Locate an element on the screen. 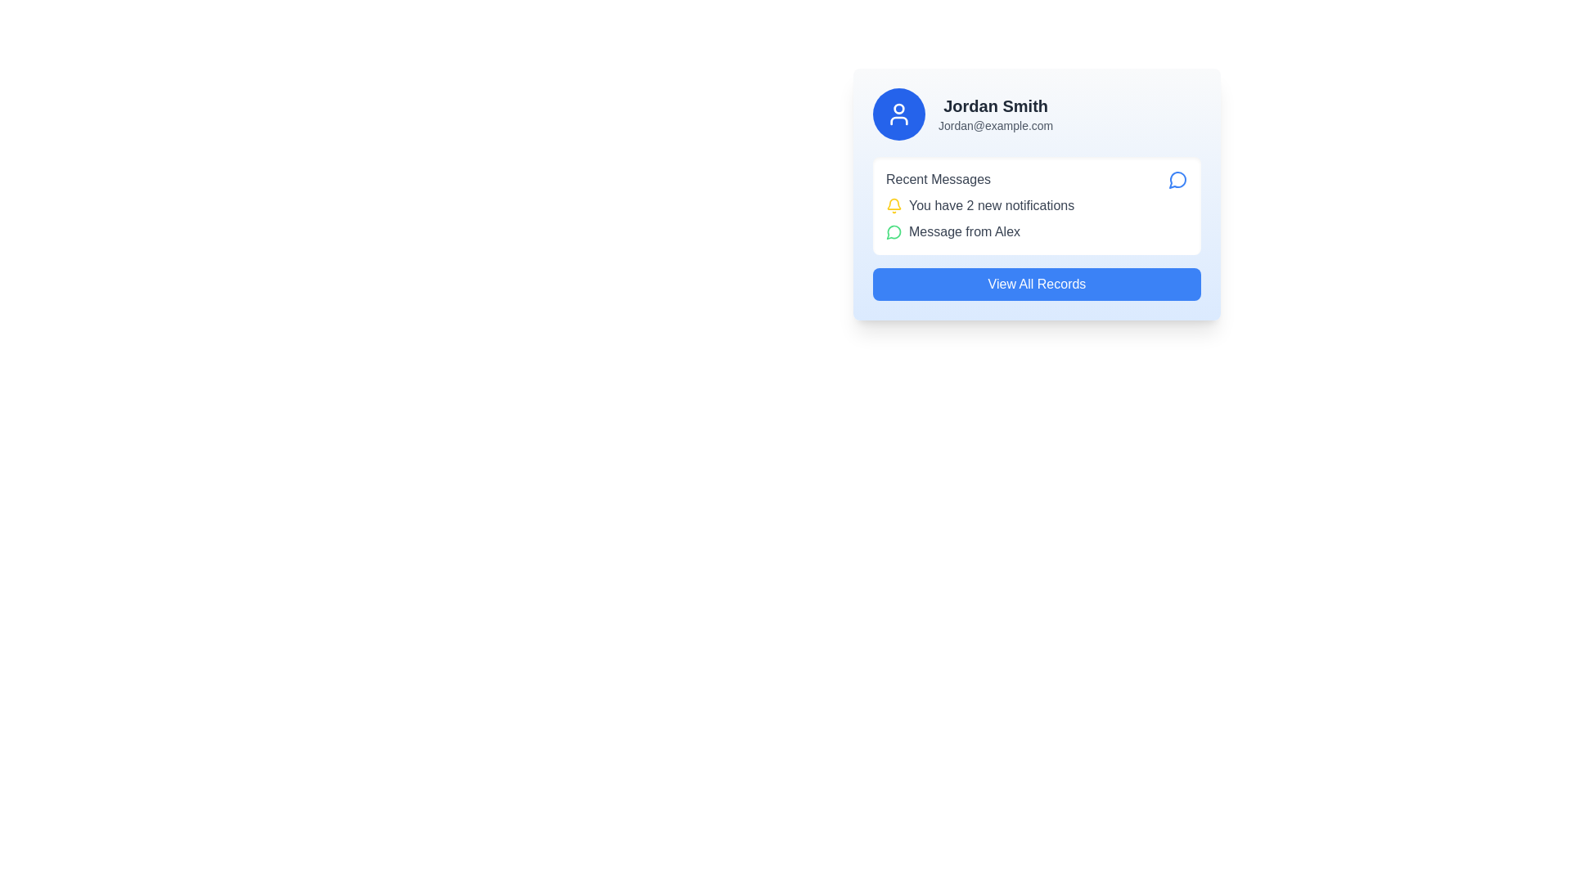 The image size is (1571, 883). the green speech bubble icon located to the left of the text 'Message from Alex' within the 'Recent Messages' notification entry is located at coordinates (894, 232).